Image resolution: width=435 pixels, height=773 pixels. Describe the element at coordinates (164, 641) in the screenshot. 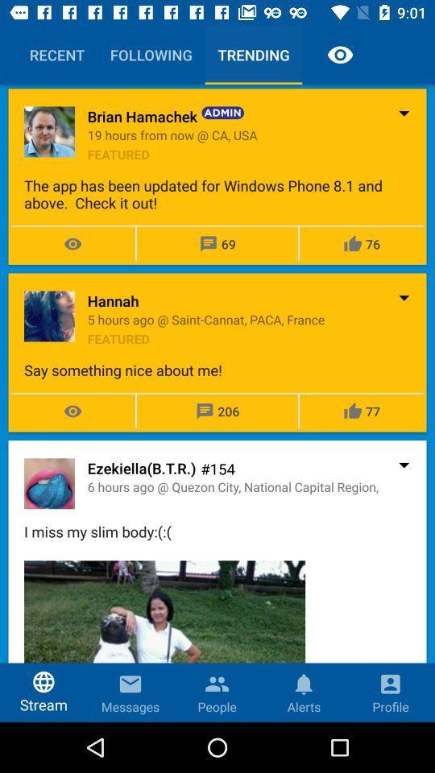

I see `the item below the i miss my icon` at that location.